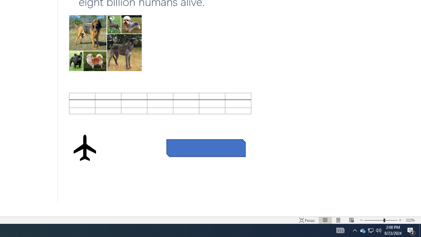 The width and height of the screenshot is (421, 237). Describe the element at coordinates (206, 148) in the screenshot. I see `'Rectangle: Diagonal Corners Snipped 2'` at that location.